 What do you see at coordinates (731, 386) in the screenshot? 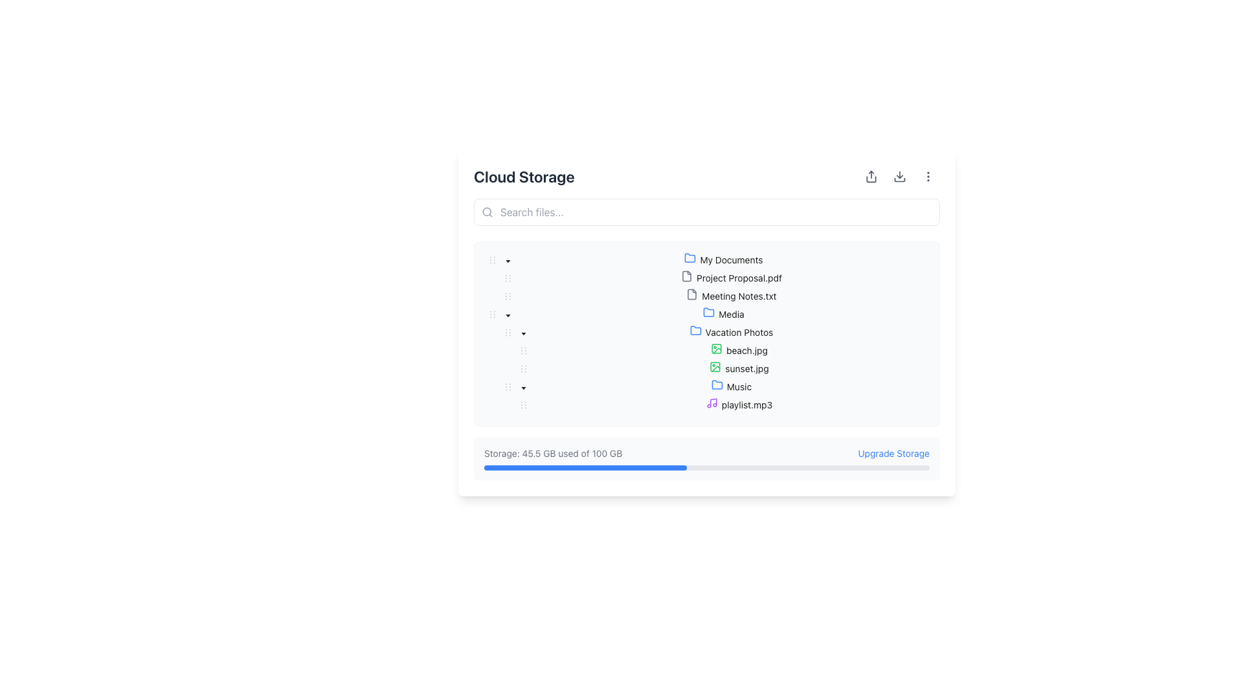
I see `on the 'Music' folder in the tree view structure located under 'Vacation Photos' and 'Media'` at bounding box center [731, 386].